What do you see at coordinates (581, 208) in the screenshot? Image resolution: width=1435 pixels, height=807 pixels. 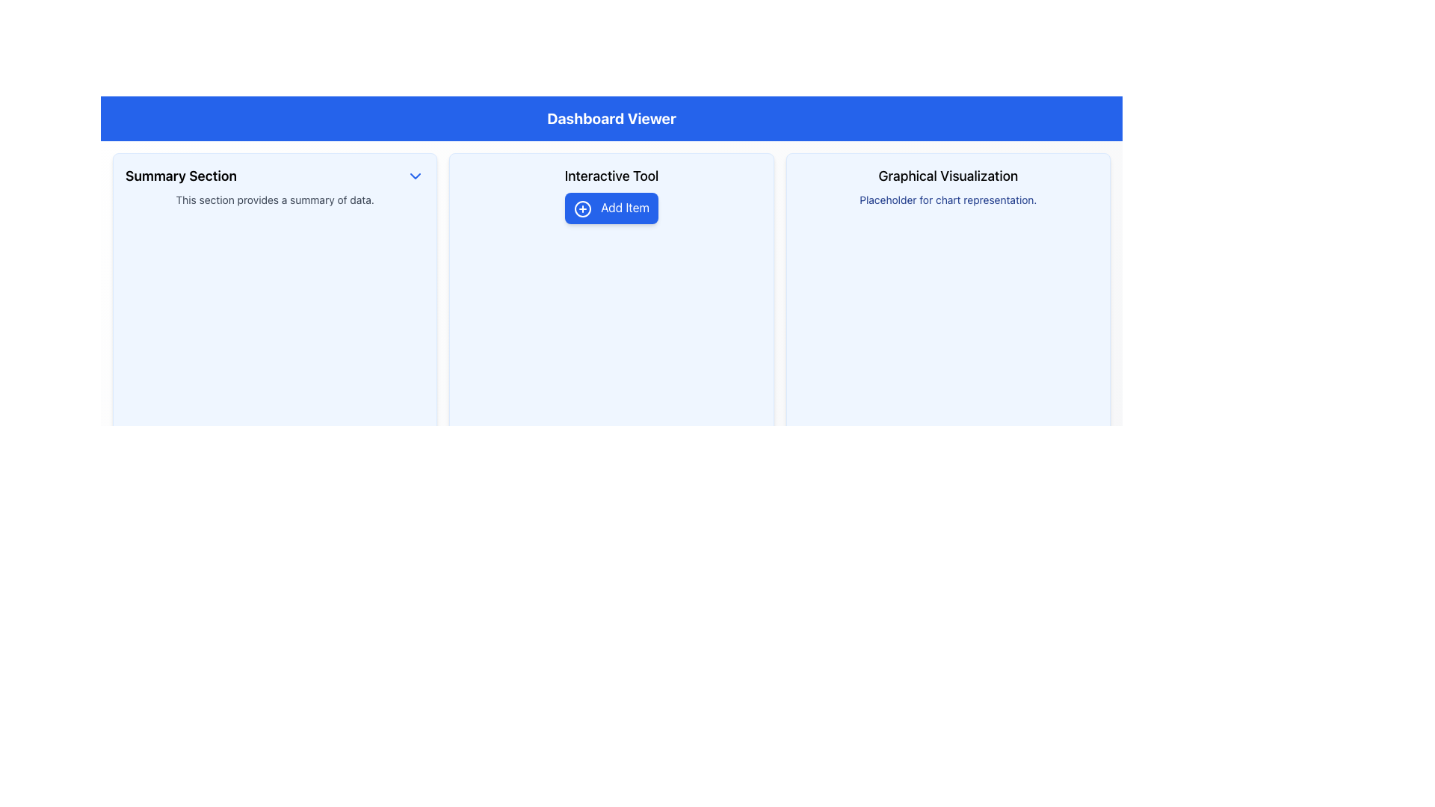 I see `the circular Decorative Icon that is located in the middle of the blue button labeled 'Add Item', positioned centrally below the 'Interactive Tool' title` at bounding box center [581, 208].